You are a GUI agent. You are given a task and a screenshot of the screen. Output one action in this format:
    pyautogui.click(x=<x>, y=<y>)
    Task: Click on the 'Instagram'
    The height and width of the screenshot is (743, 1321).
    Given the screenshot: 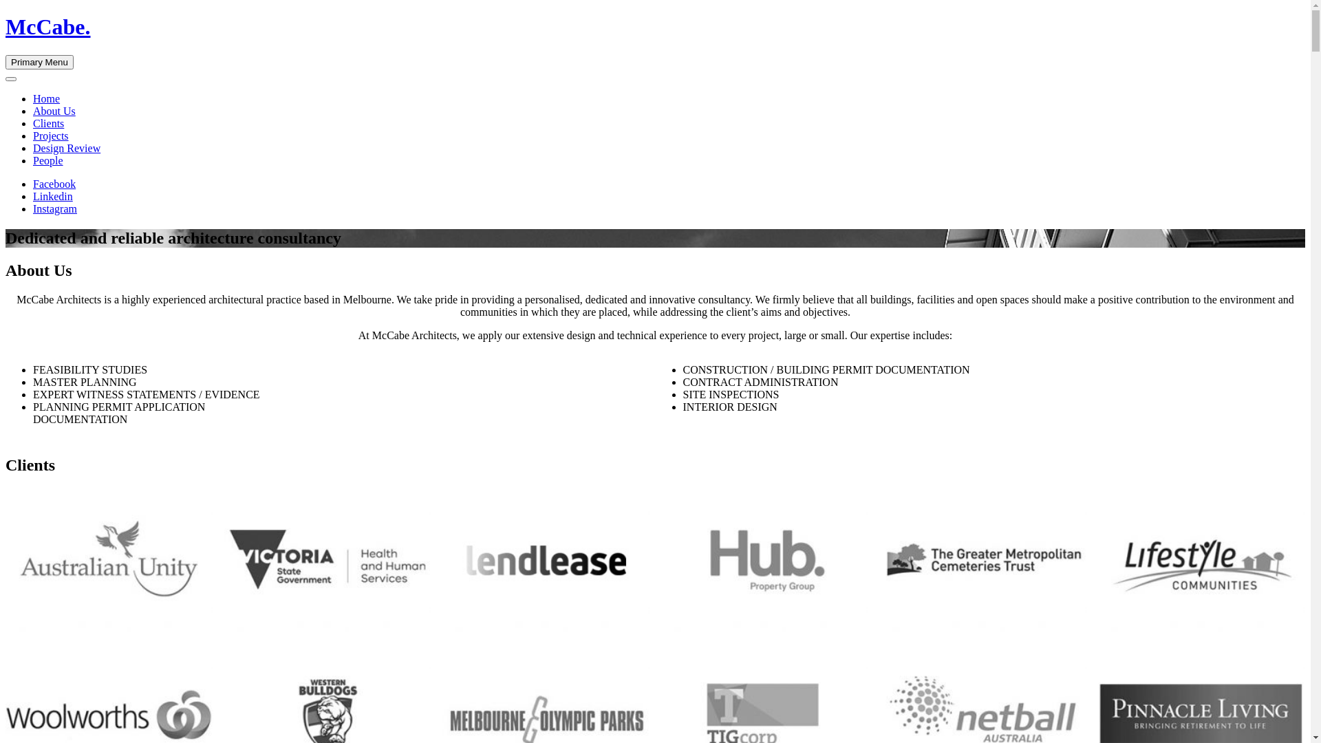 What is the action you would take?
    pyautogui.click(x=55, y=208)
    